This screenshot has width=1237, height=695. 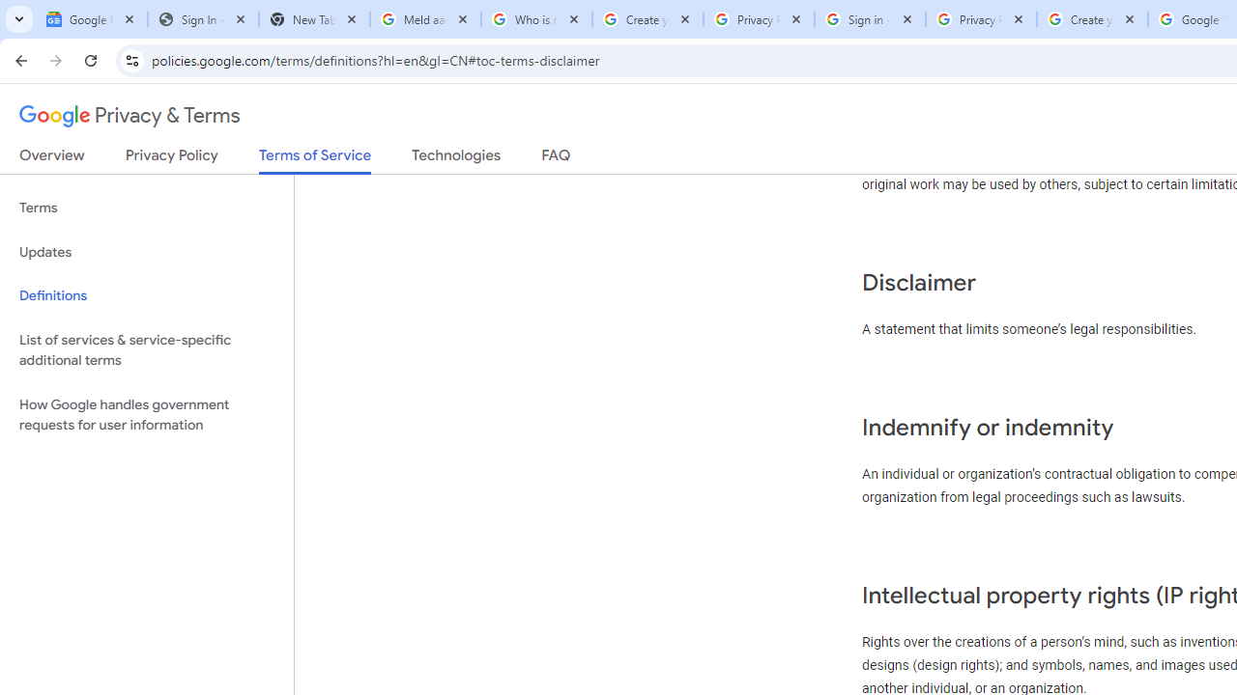 I want to click on 'Updates', so click(x=146, y=251).